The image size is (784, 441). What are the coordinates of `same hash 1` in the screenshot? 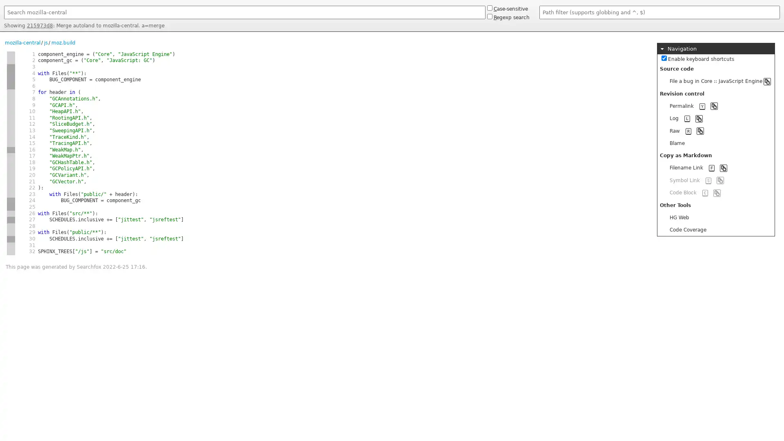 It's located at (11, 175).